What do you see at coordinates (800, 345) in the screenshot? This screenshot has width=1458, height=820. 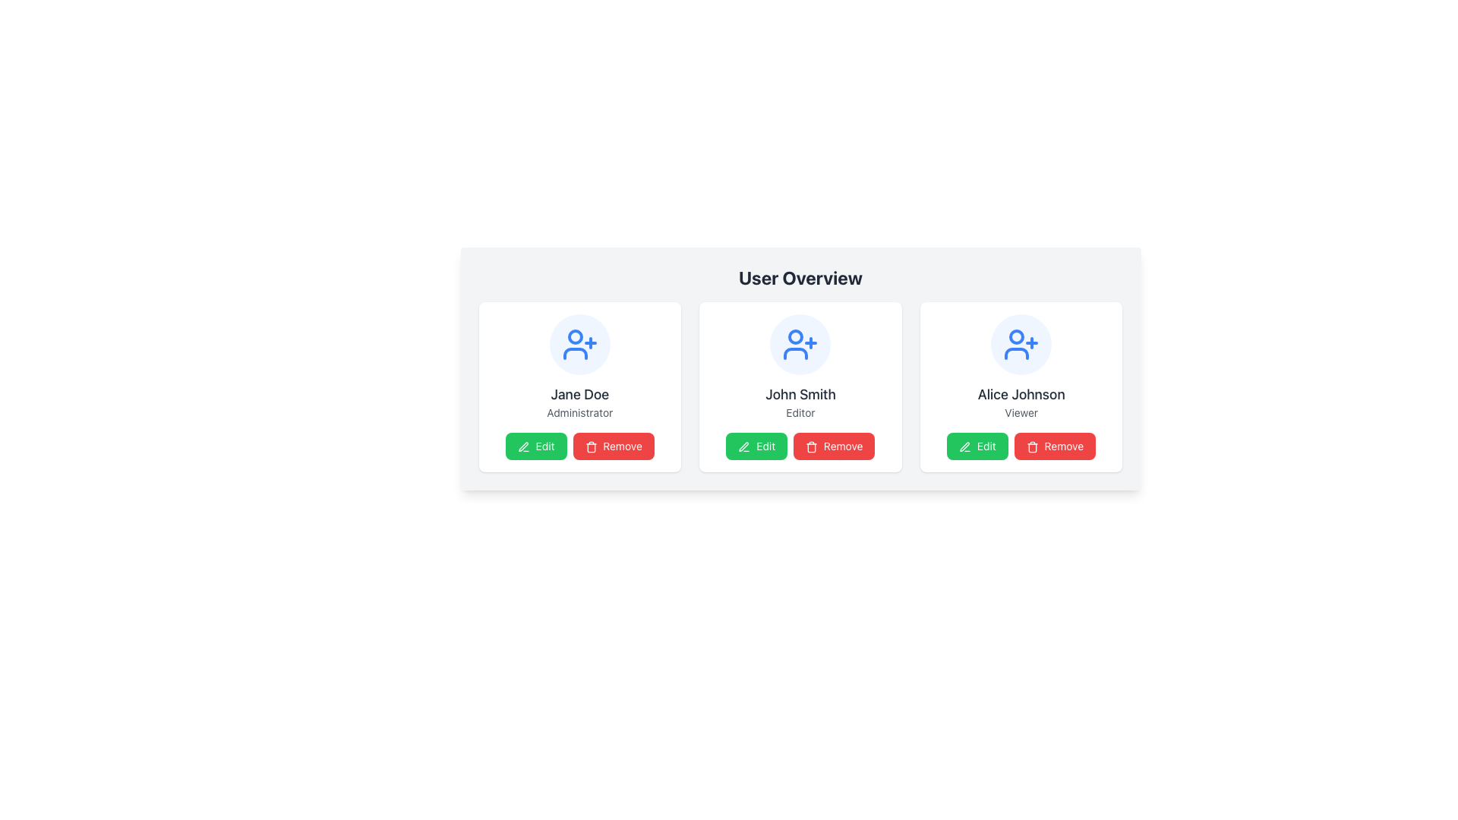 I see `the blue icon resembling a person with a plus symbol, which is located in the middle column of three user profile cards under the 'User Overview' title` at bounding box center [800, 345].